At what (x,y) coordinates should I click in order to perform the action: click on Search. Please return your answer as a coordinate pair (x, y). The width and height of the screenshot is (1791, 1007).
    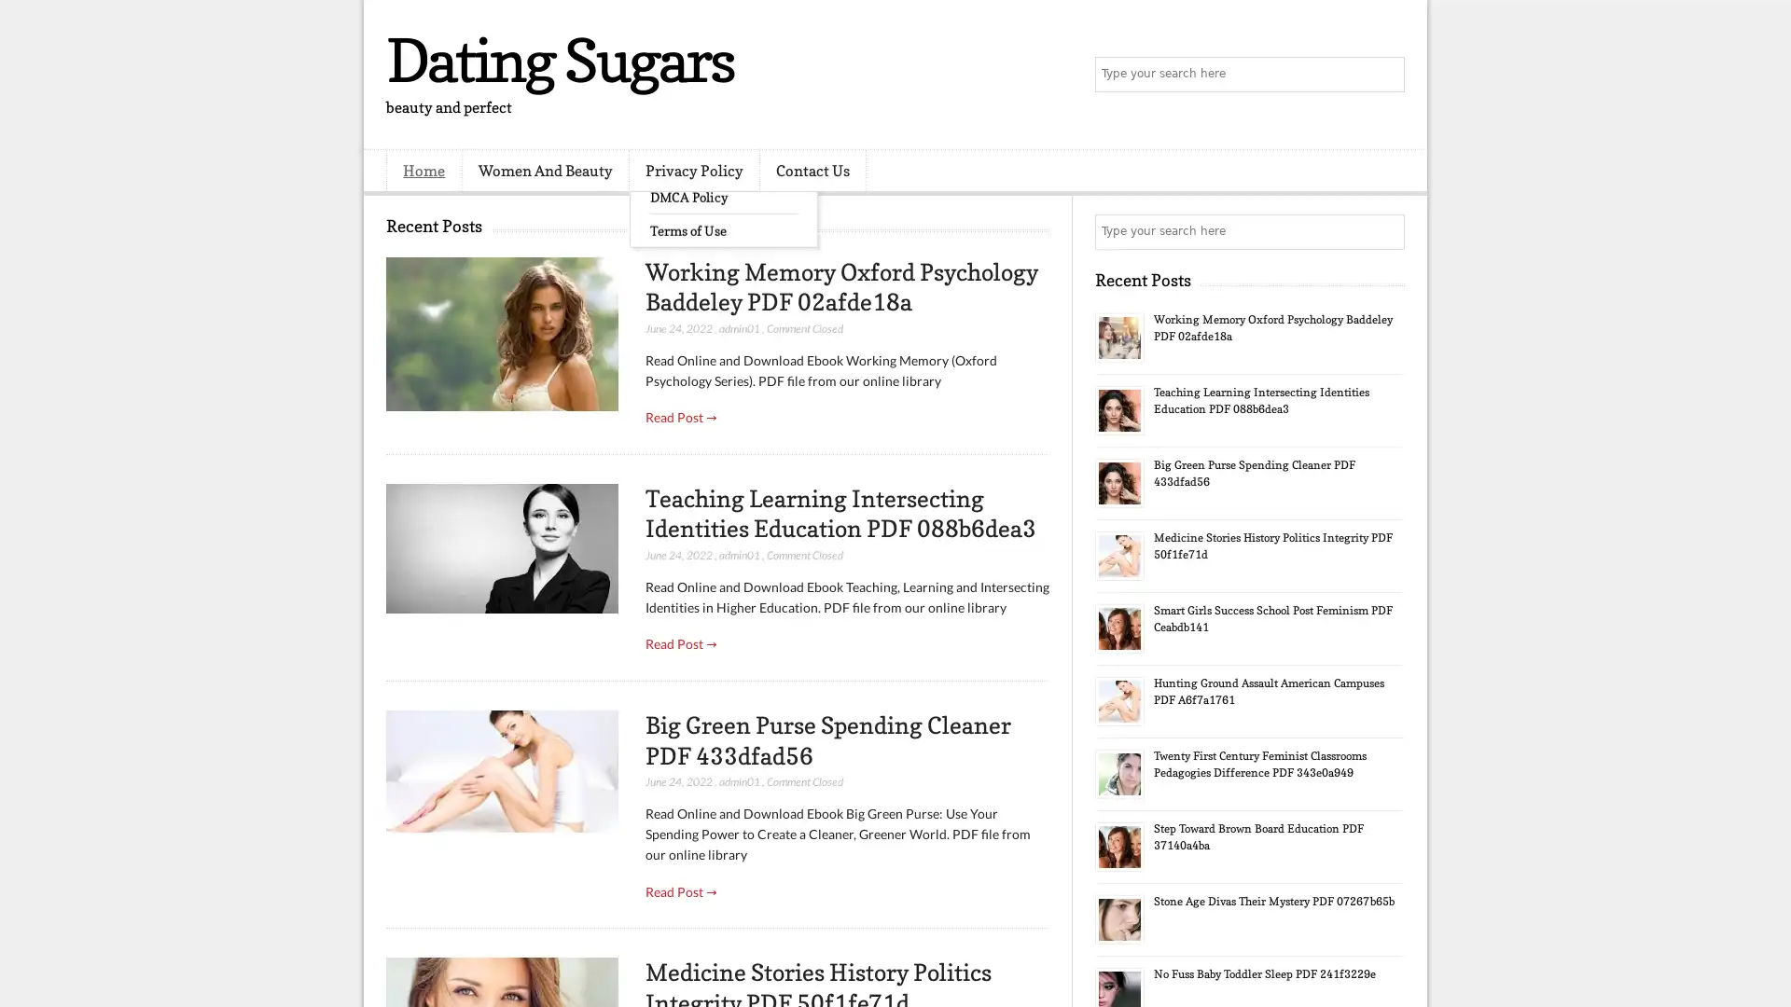
    Looking at the image, I should click on (1385, 231).